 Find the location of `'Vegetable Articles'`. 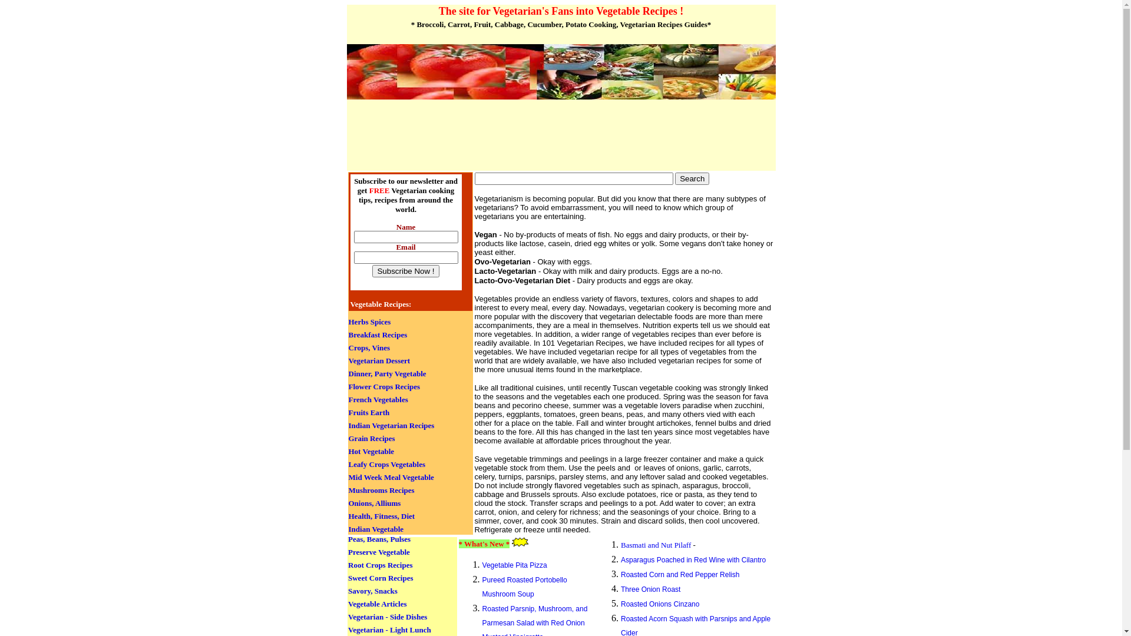

'Vegetable Articles' is located at coordinates (347, 604).